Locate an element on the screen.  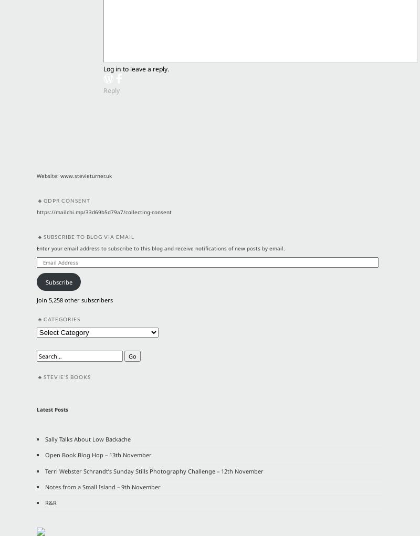
'Sally Talks About Low Backache' is located at coordinates (44, 438).